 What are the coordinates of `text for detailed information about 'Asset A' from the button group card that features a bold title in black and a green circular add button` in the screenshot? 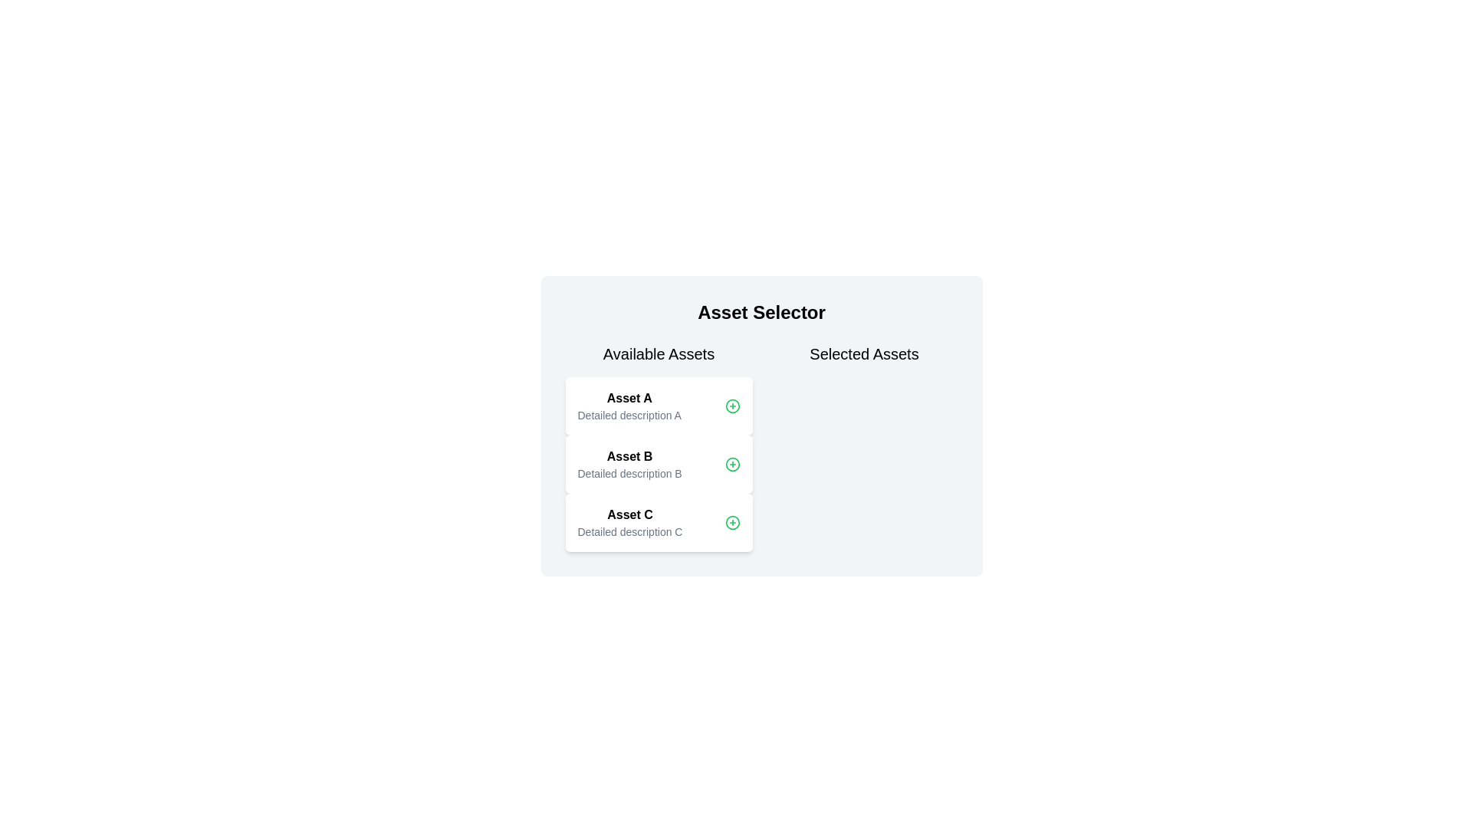 It's located at (659, 405).